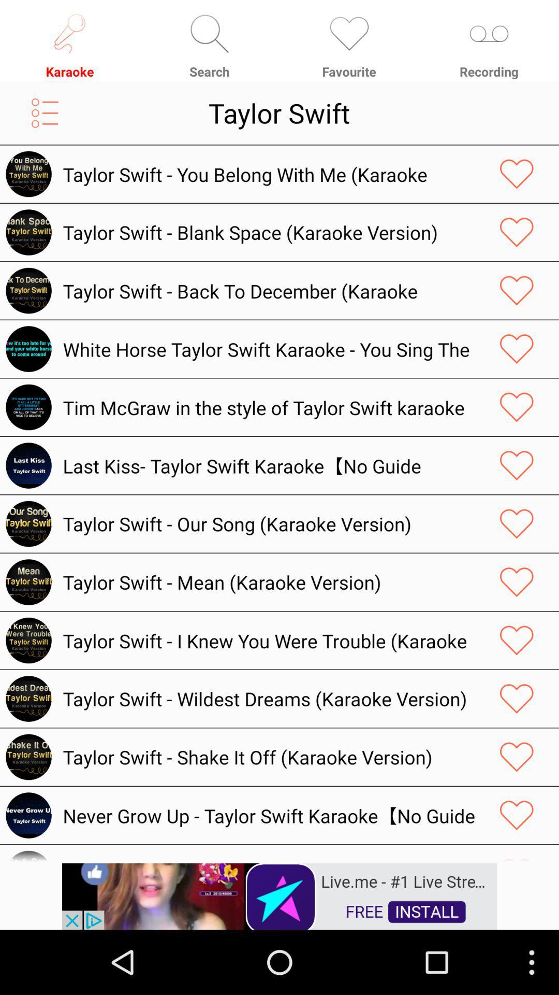  I want to click on the list icon, so click(45, 121).